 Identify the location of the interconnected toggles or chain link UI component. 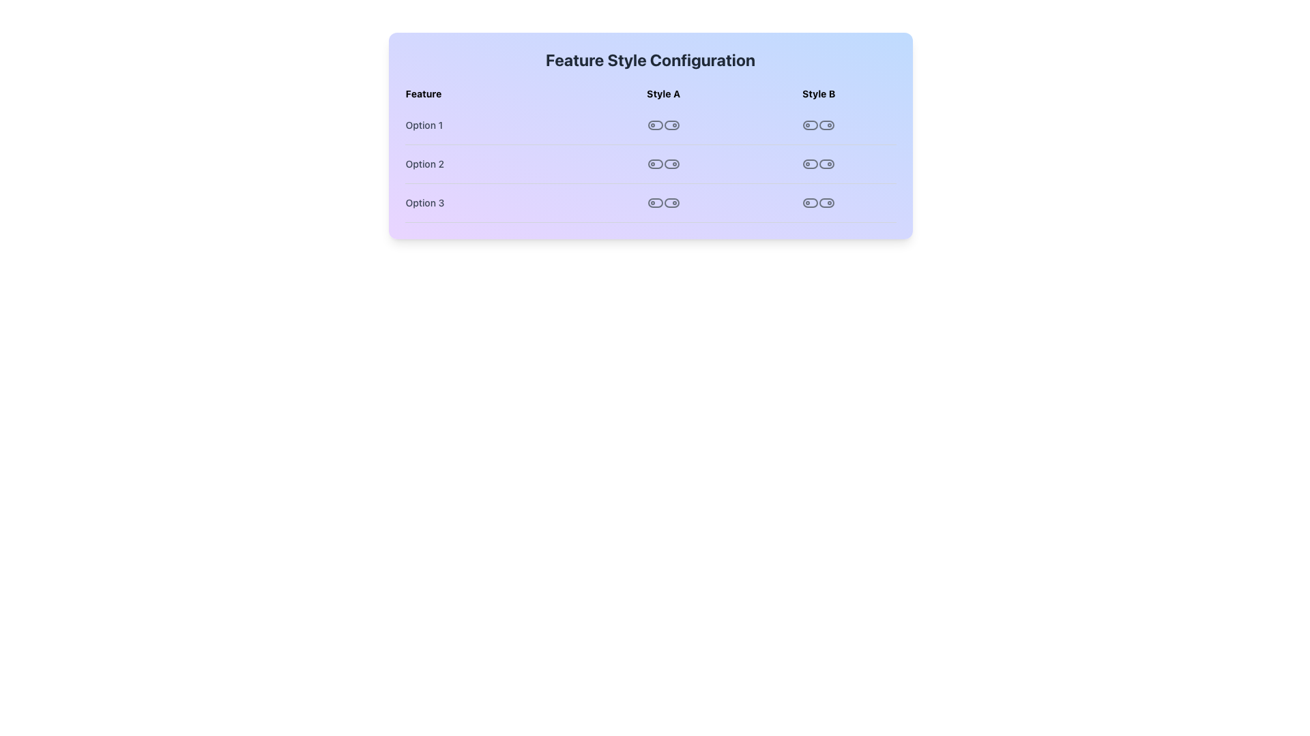
(819, 202).